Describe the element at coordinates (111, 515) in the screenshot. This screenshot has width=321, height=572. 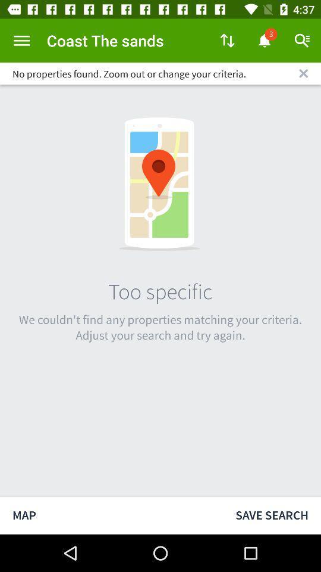
I see `map` at that location.